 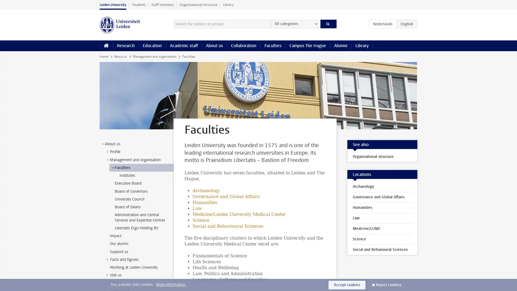 I want to click on >, so click(x=107, y=159).